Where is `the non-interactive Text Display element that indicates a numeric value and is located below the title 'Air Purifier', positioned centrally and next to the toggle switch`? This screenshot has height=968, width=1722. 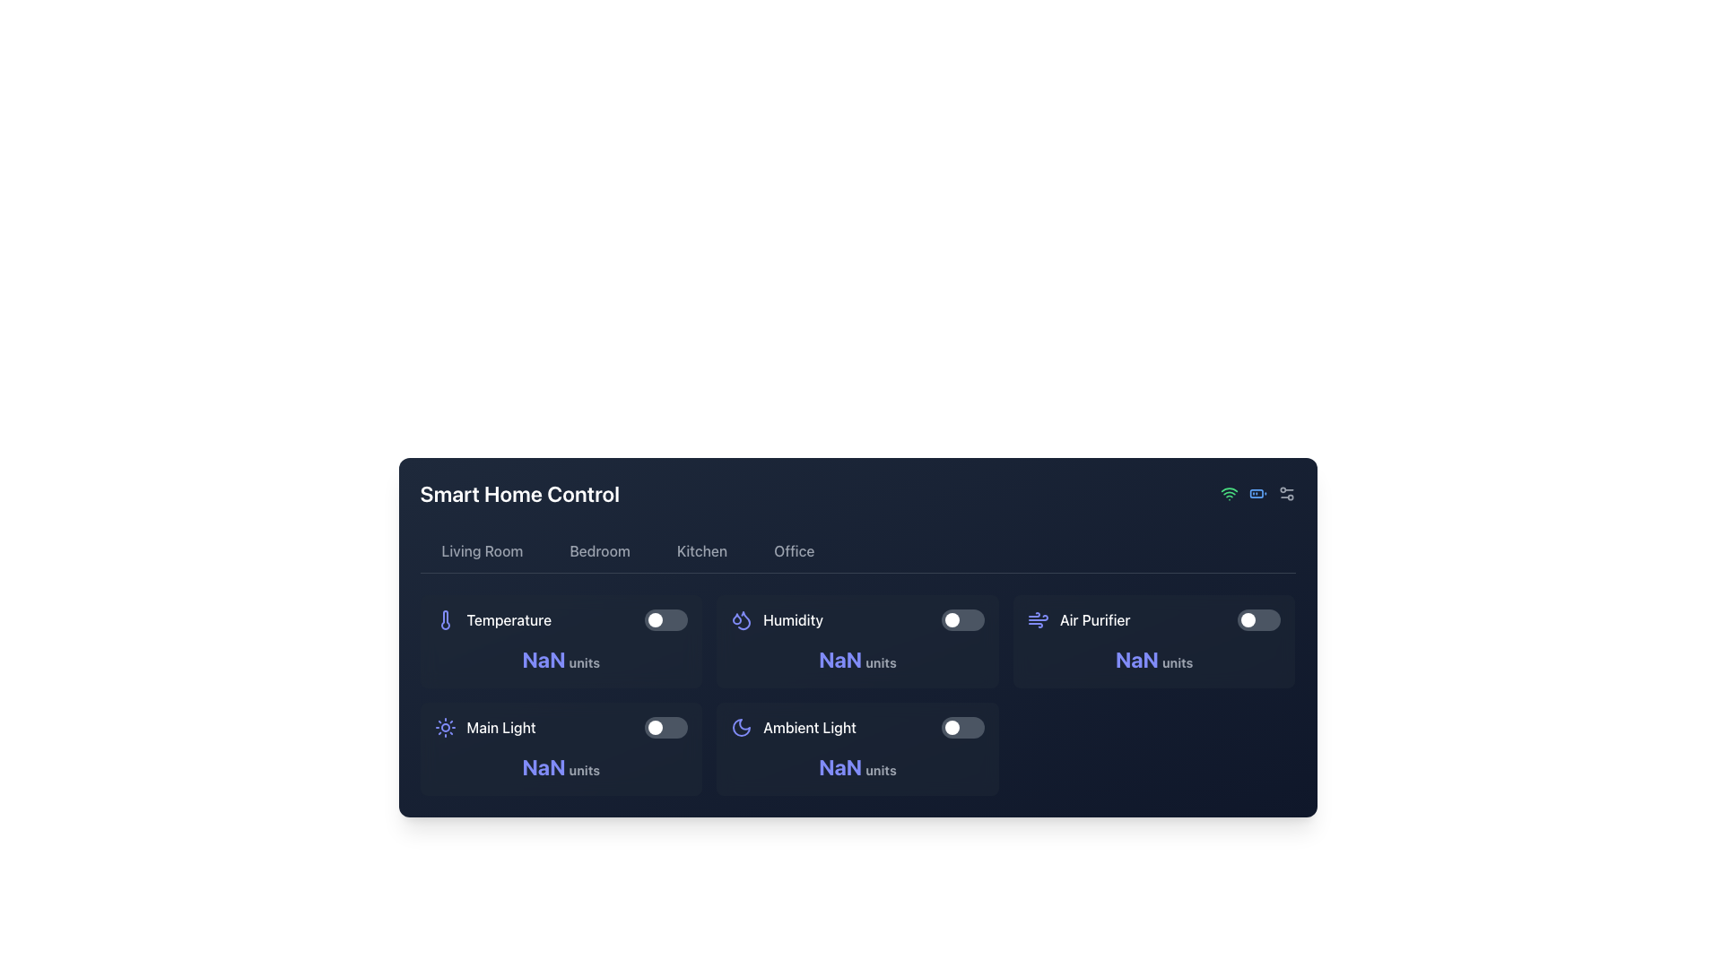
the non-interactive Text Display element that indicates a numeric value and is located below the title 'Air Purifier', positioned centrally and next to the toggle switch is located at coordinates (1154, 660).